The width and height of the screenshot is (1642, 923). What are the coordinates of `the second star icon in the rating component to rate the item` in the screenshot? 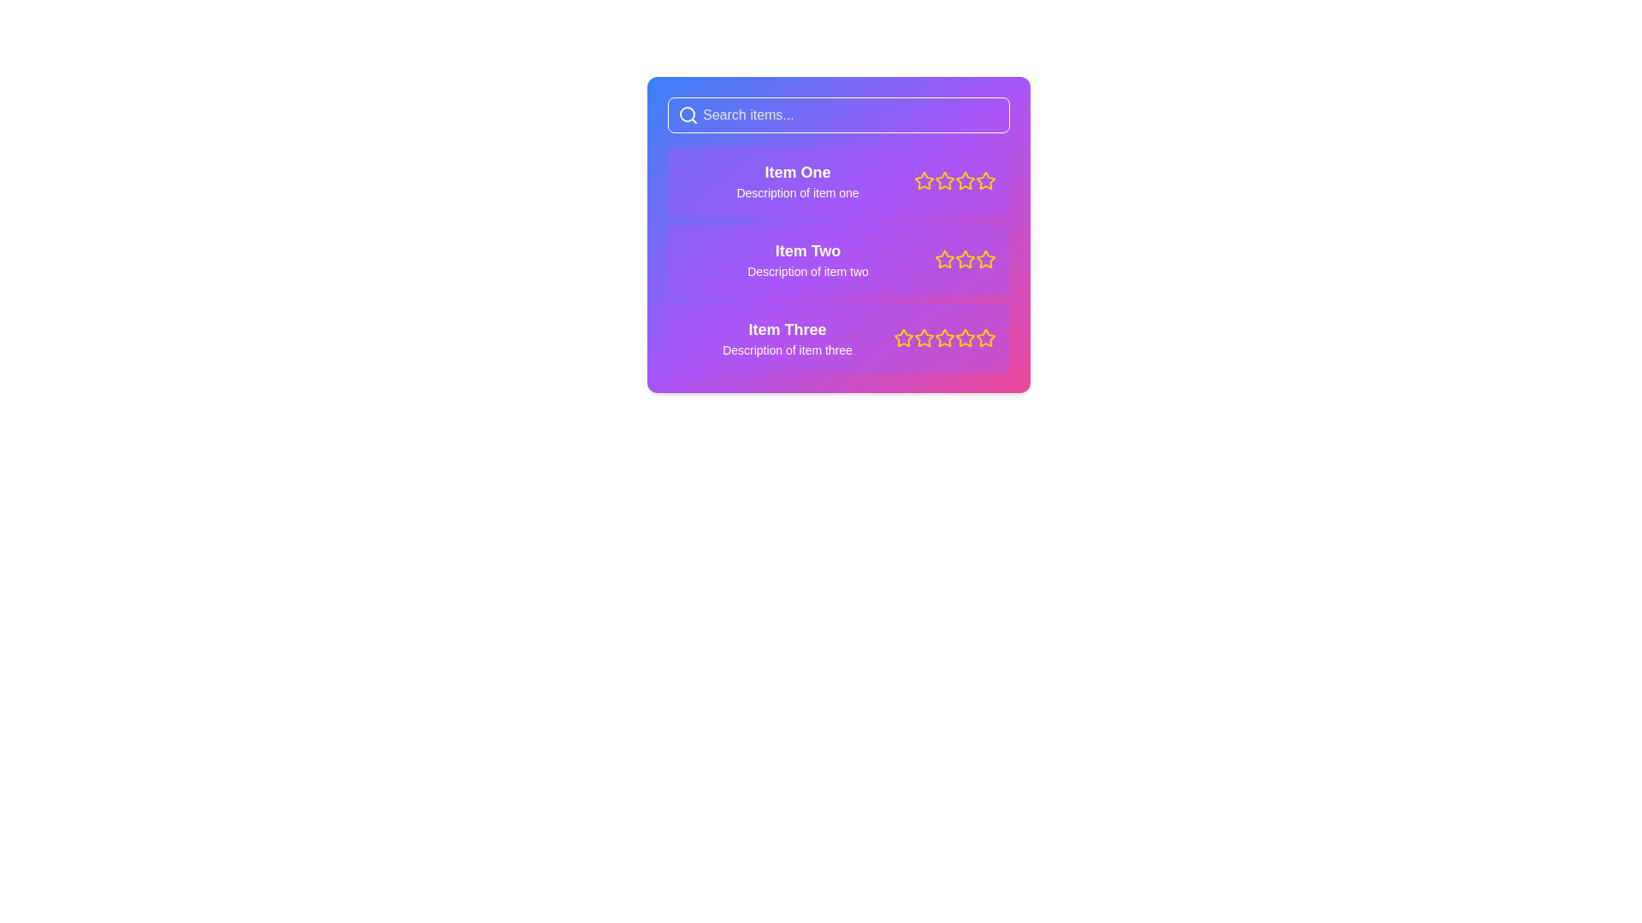 It's located at (965, 260).